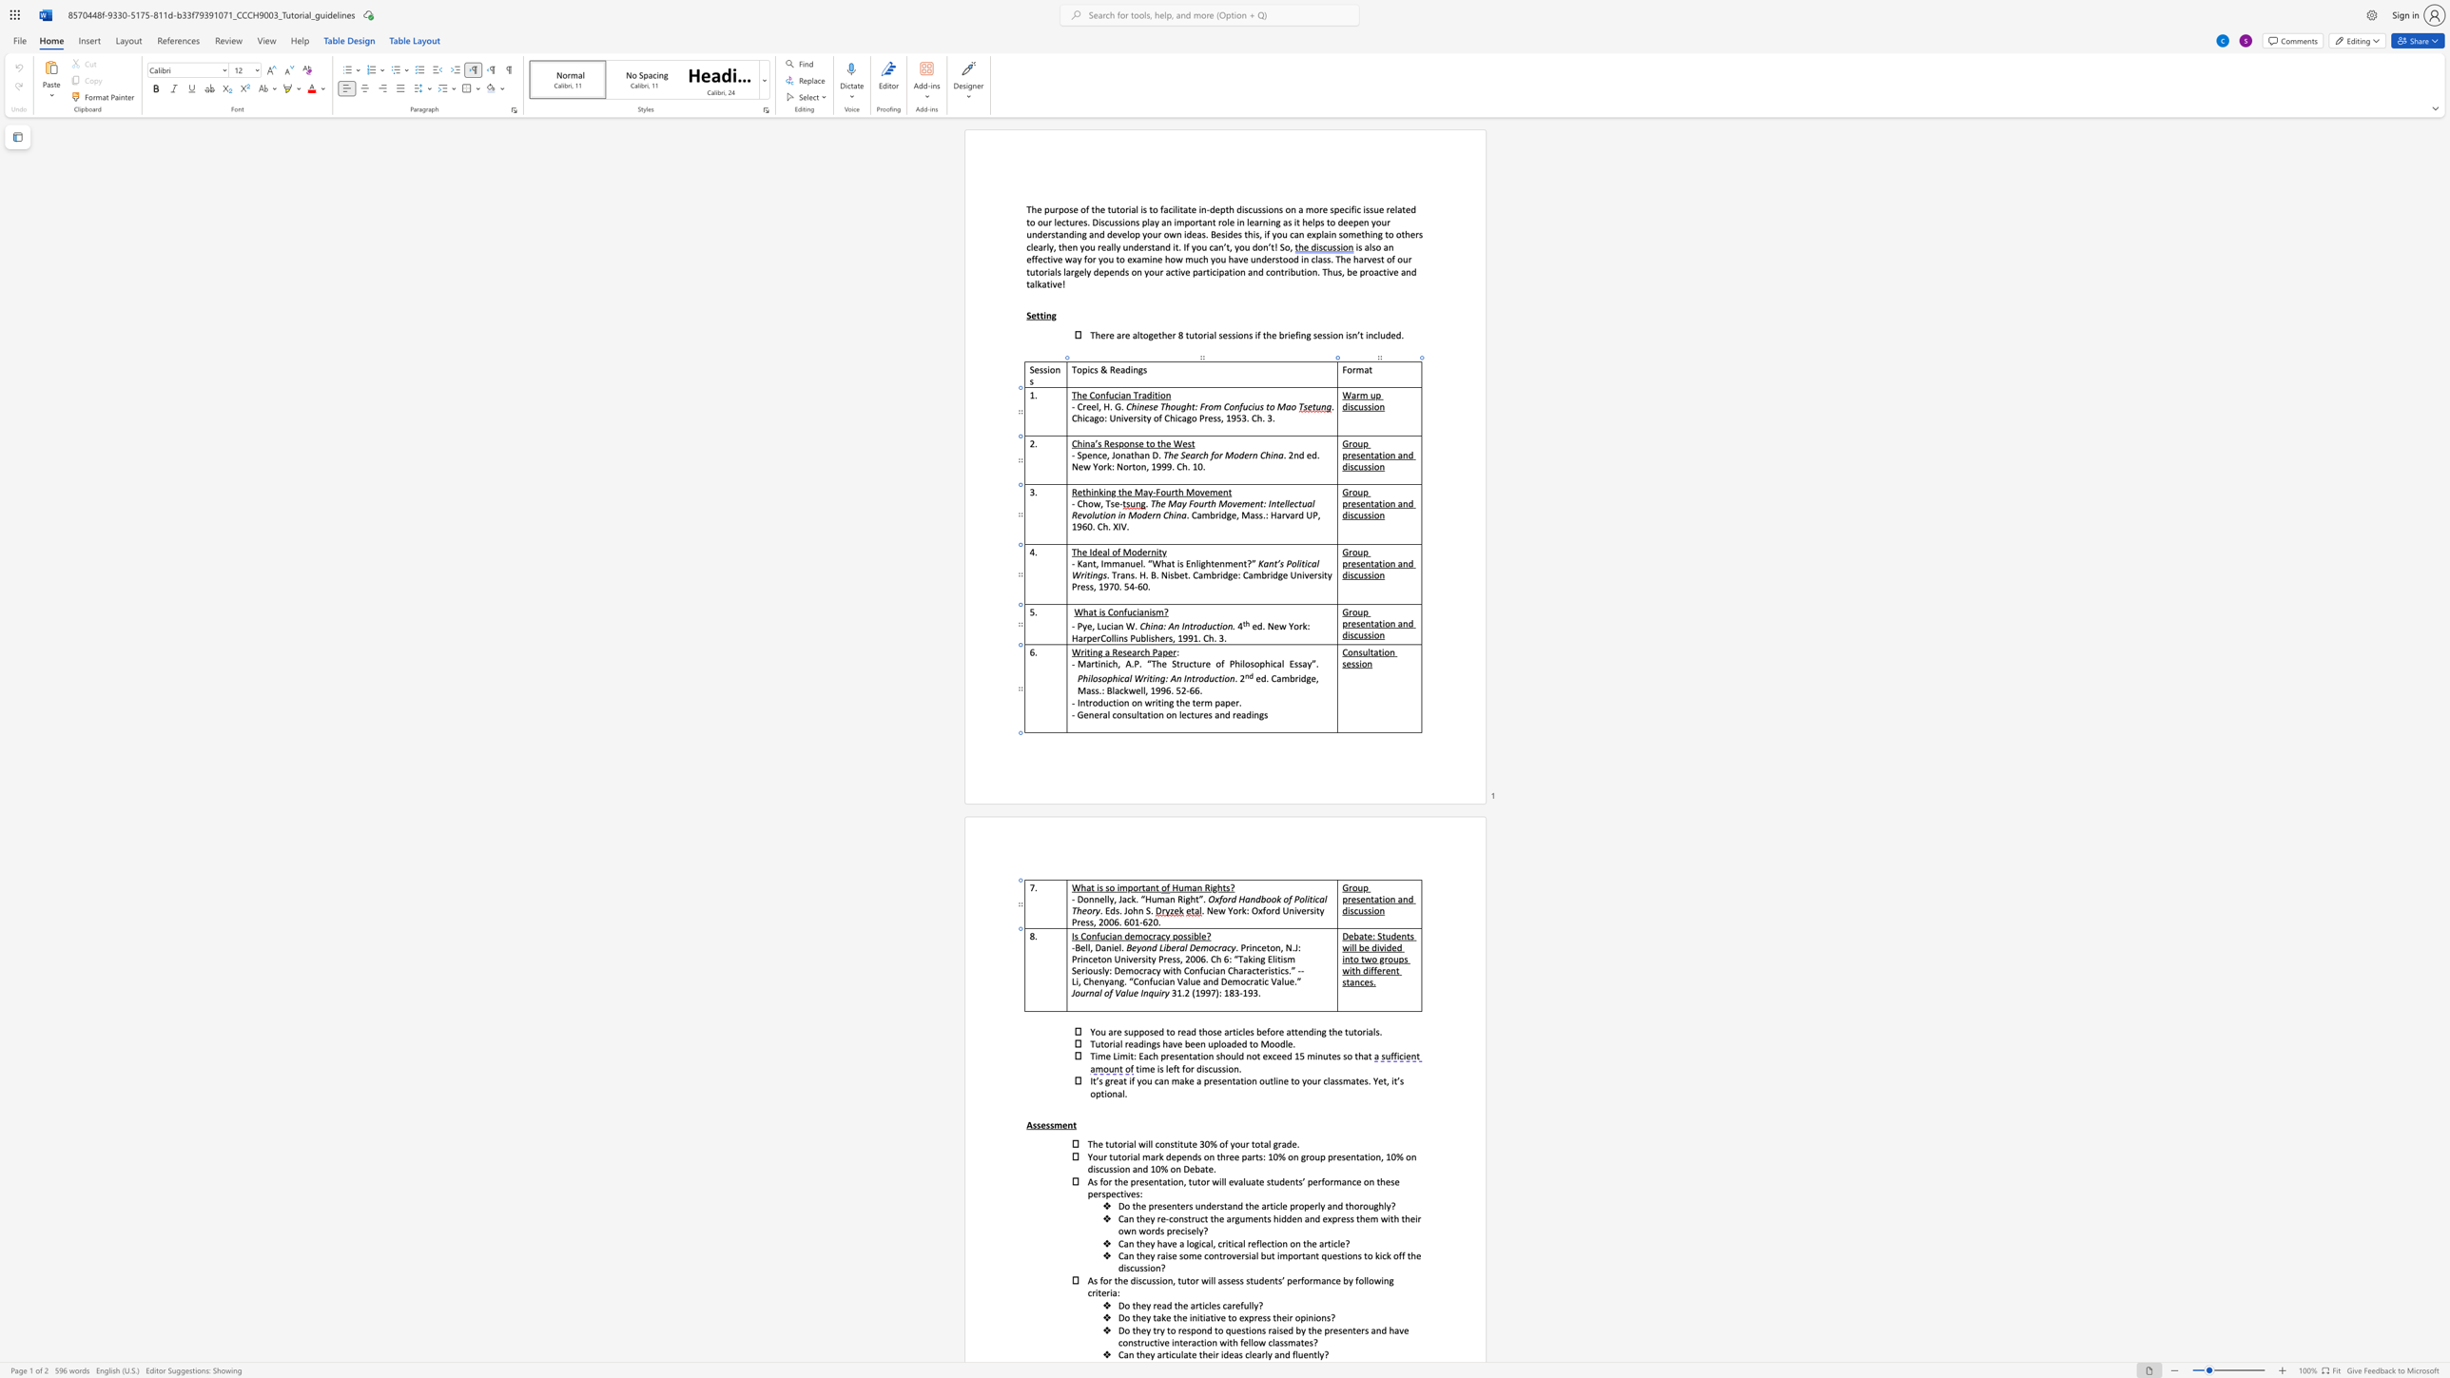 The height and width of the screenshot is (1378, 2450). What do you see at coordinates (1392, 899) in the screenshot?
I see `the 2th character "n" in the text` at bounding box center [1392, 899].